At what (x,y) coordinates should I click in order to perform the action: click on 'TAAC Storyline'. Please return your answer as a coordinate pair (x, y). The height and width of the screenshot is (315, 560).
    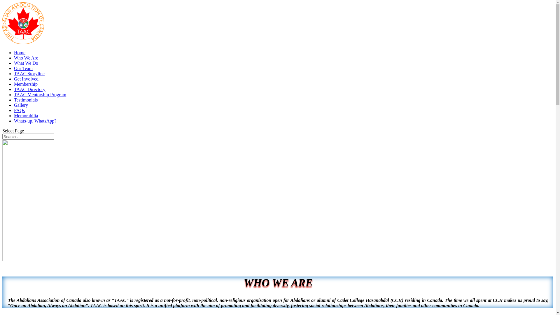
    Looking at the image, I should click on (14, 73).